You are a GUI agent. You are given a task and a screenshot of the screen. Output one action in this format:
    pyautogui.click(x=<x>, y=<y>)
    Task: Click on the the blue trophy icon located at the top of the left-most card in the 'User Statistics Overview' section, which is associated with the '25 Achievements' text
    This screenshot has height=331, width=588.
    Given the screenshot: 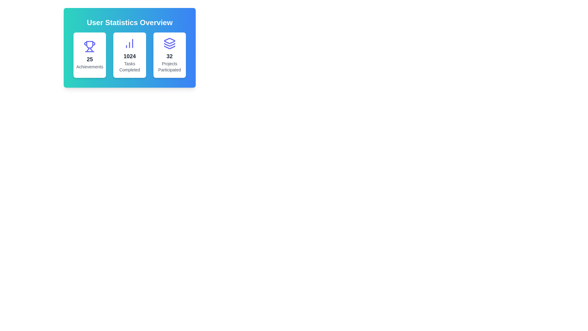 What is the action you would take?
    pyautogui.click(x=89, y=46)
    